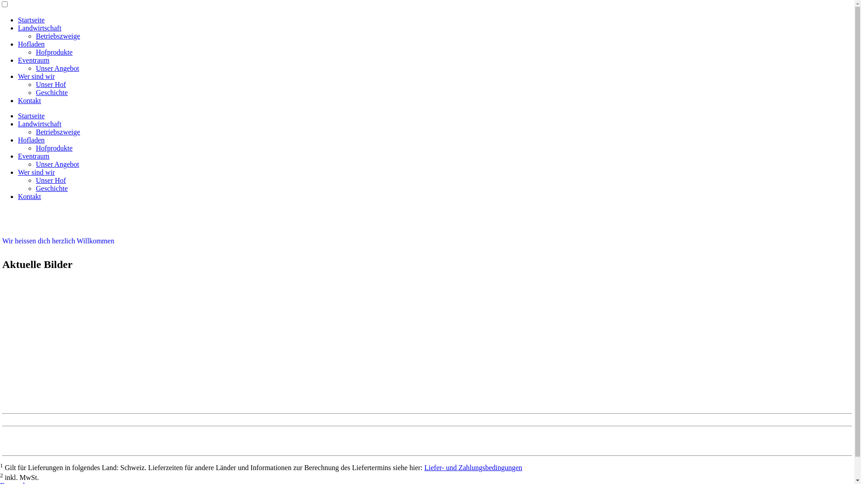  I want to click on 'Unser Hof', so click(36, 84).